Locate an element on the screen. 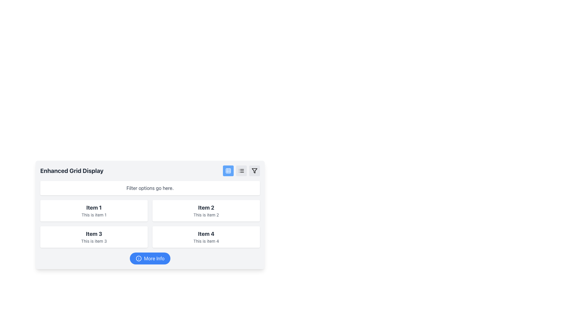 The width and height of the screenshot is (573, 322). the funnel icon located inside the gray rounded rectangular button positioned at the top-right corner of the grid display filter interface is located at coordinates (255, 171).